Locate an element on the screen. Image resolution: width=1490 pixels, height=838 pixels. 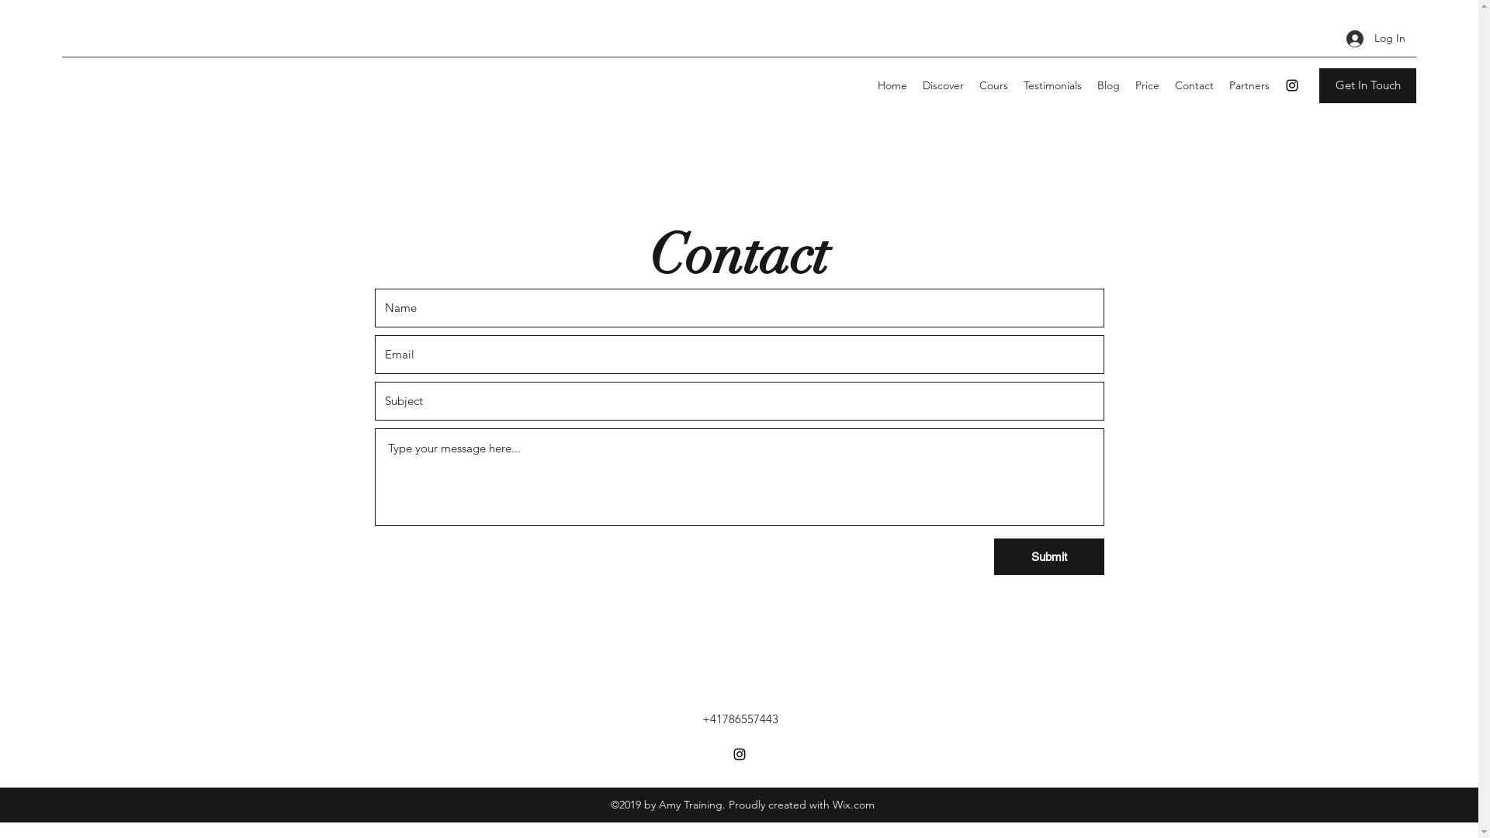
'Price' is located at coordinates (1128, 85).